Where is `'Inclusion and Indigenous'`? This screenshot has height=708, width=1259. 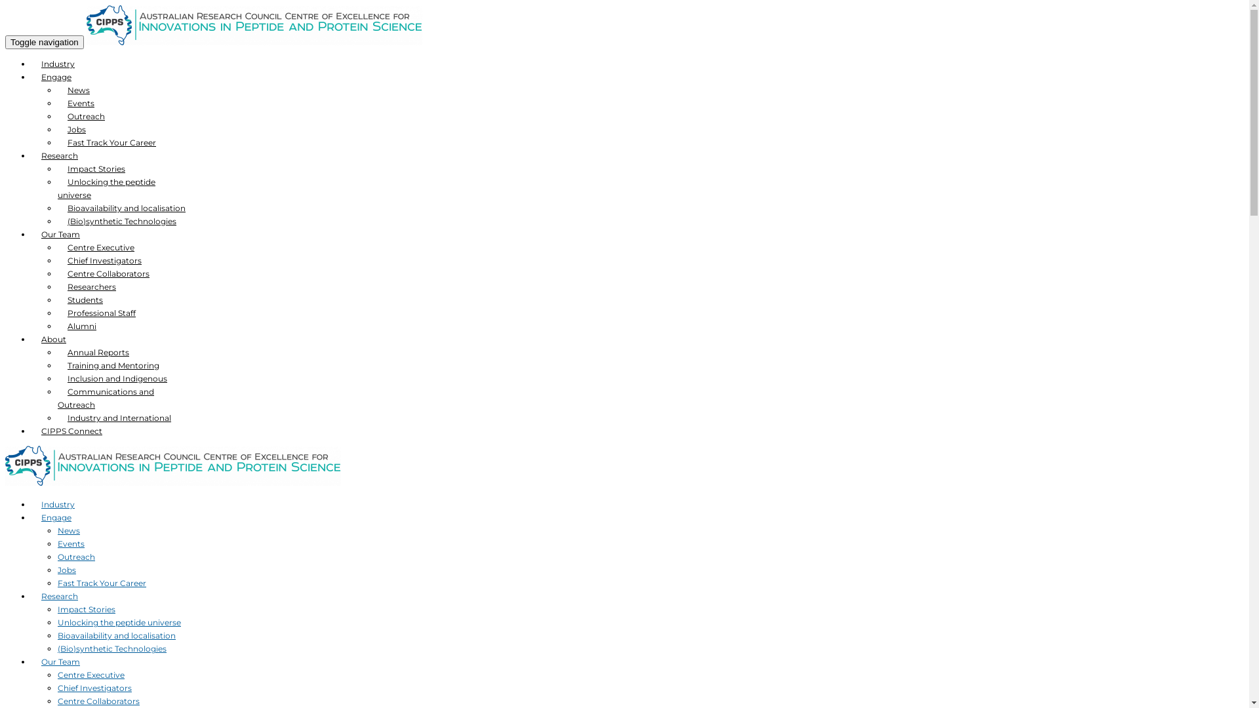
'Inclusion and Indigenous' is located at coordinates (117, 378).